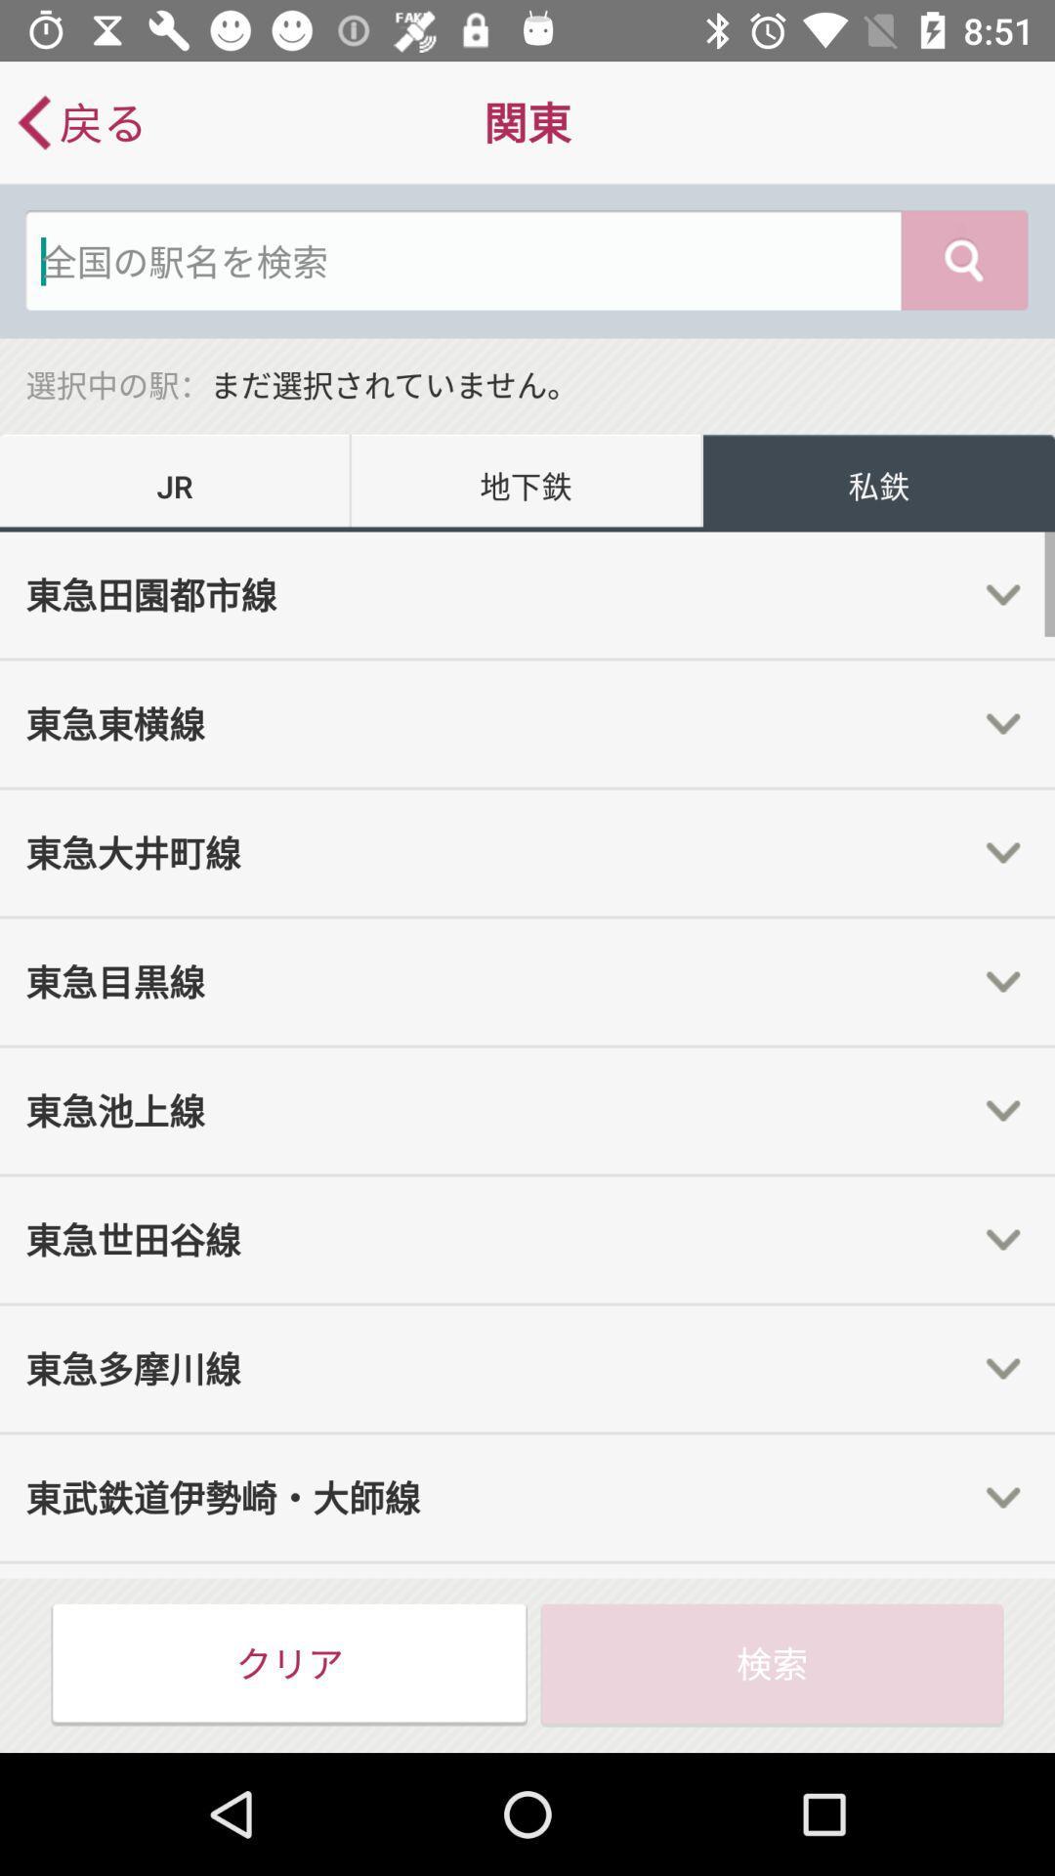  Describe the element at coordinates (964, 260) in the screenshot. I see `the search icon` at that location.